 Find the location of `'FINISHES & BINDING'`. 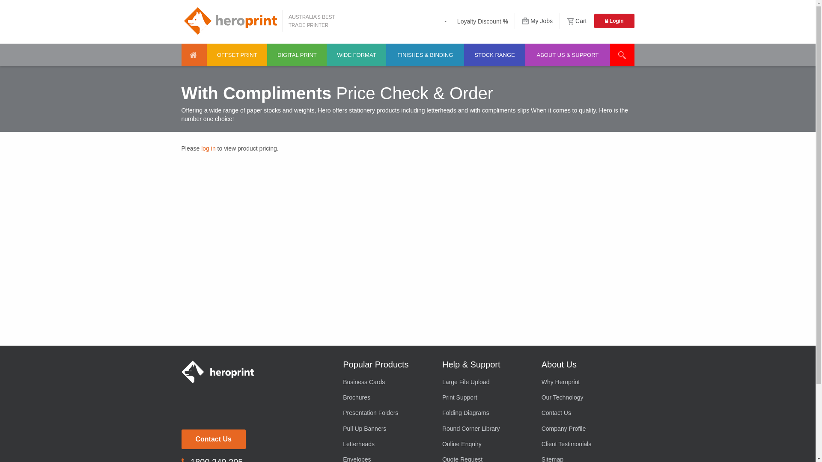

'FINISHES & BINDING' is located at coordinates (386, 54).